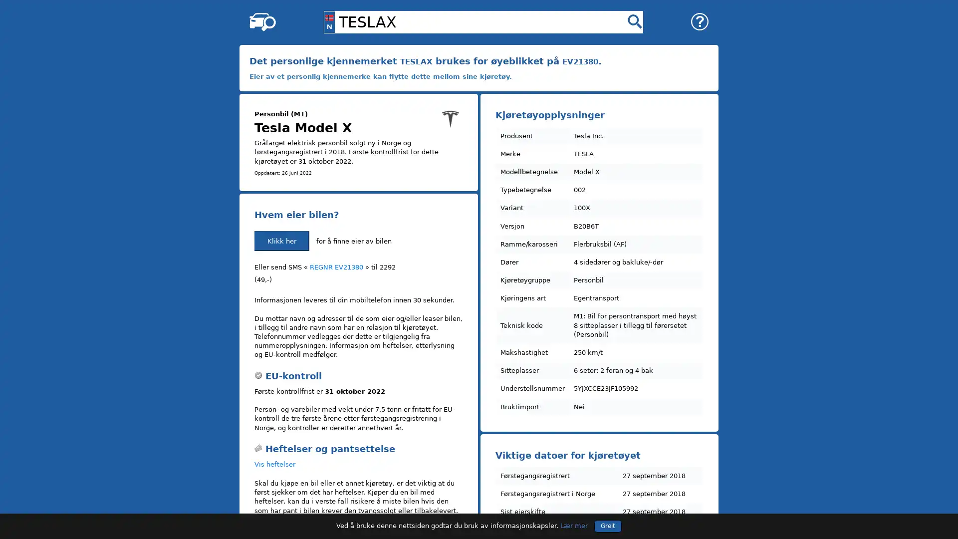 The height and width of the screenshot is (539, 958). What do you see at coordinates (607, 525) in the screenshot?
I see `Greit` at bounding box center [607, 525].